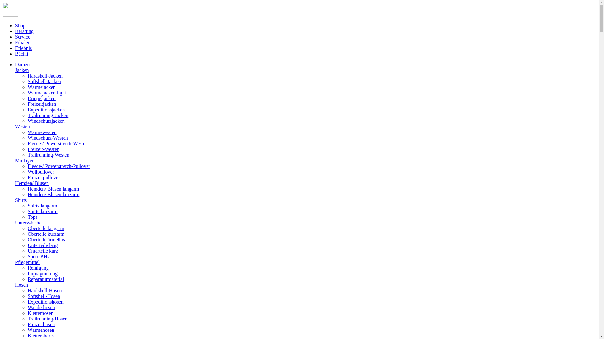 This screenshot has height=339, width=604. I want to click on 'Freizeitpullover', so click(27, 177).